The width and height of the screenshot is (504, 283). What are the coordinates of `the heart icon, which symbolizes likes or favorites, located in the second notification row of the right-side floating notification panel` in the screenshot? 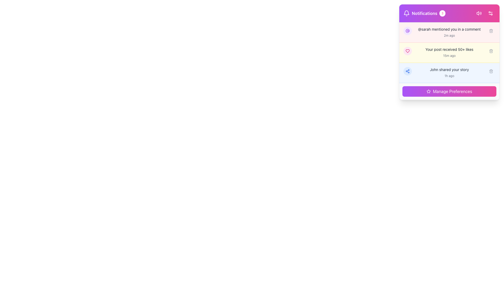 It's located at (407, 51).